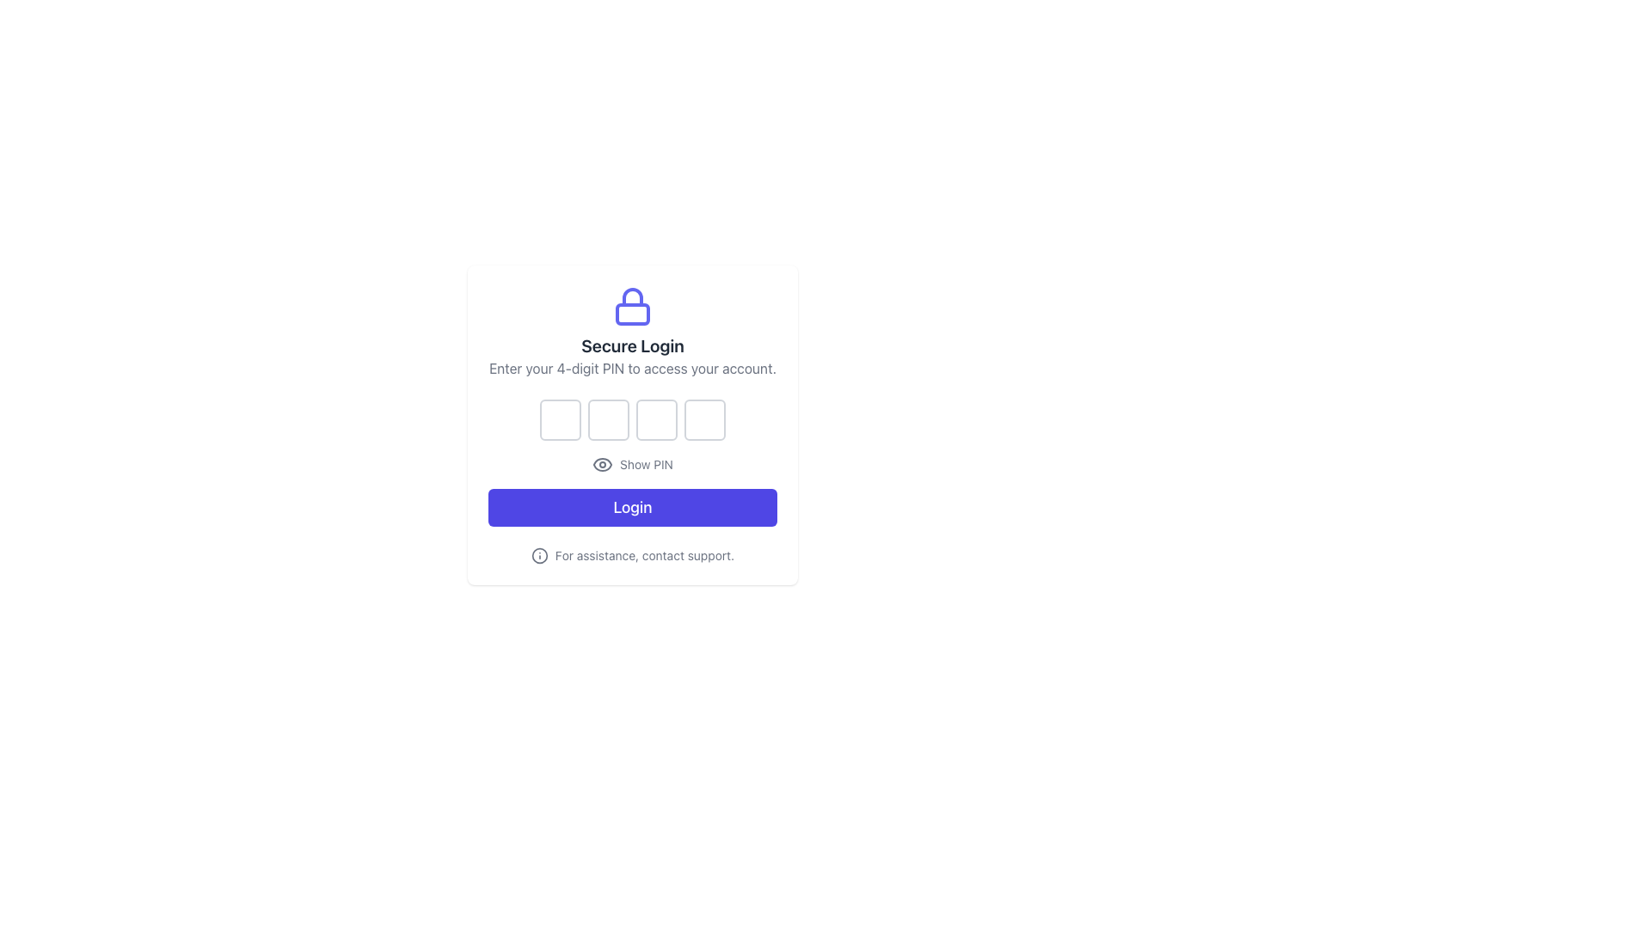 The height and width of the screenshot is (928, 1651). Describe the element at coordinates (631, 506) in the screenshot. I see `the 'Login' button` at that location.